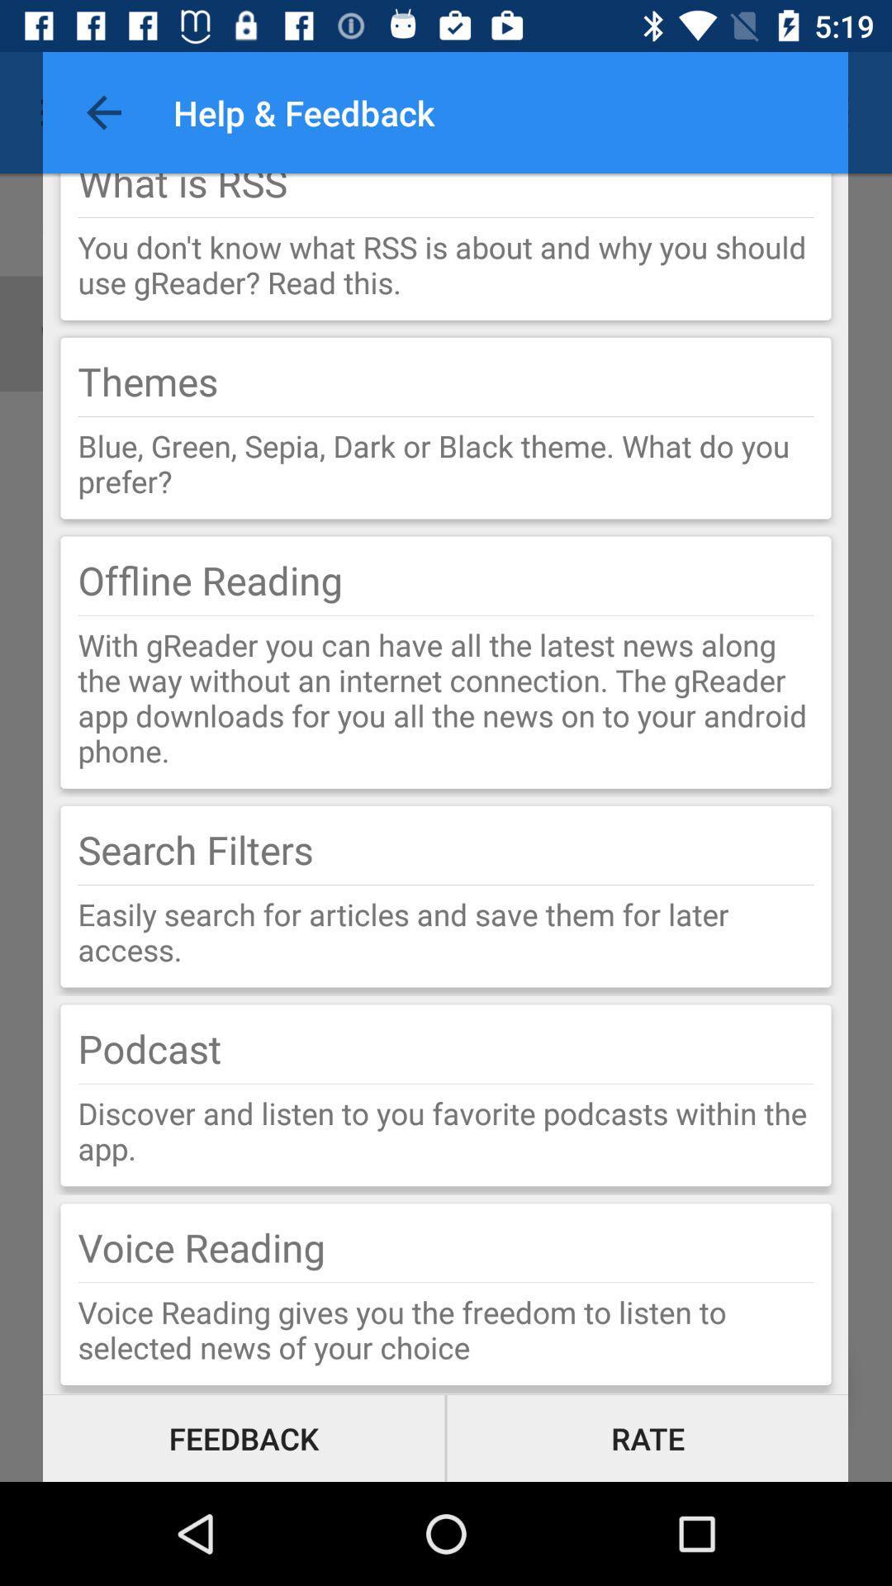 This screenshot has width=892, height=1586. I want to click on icon below voice reading gives, so click(647, 1437).